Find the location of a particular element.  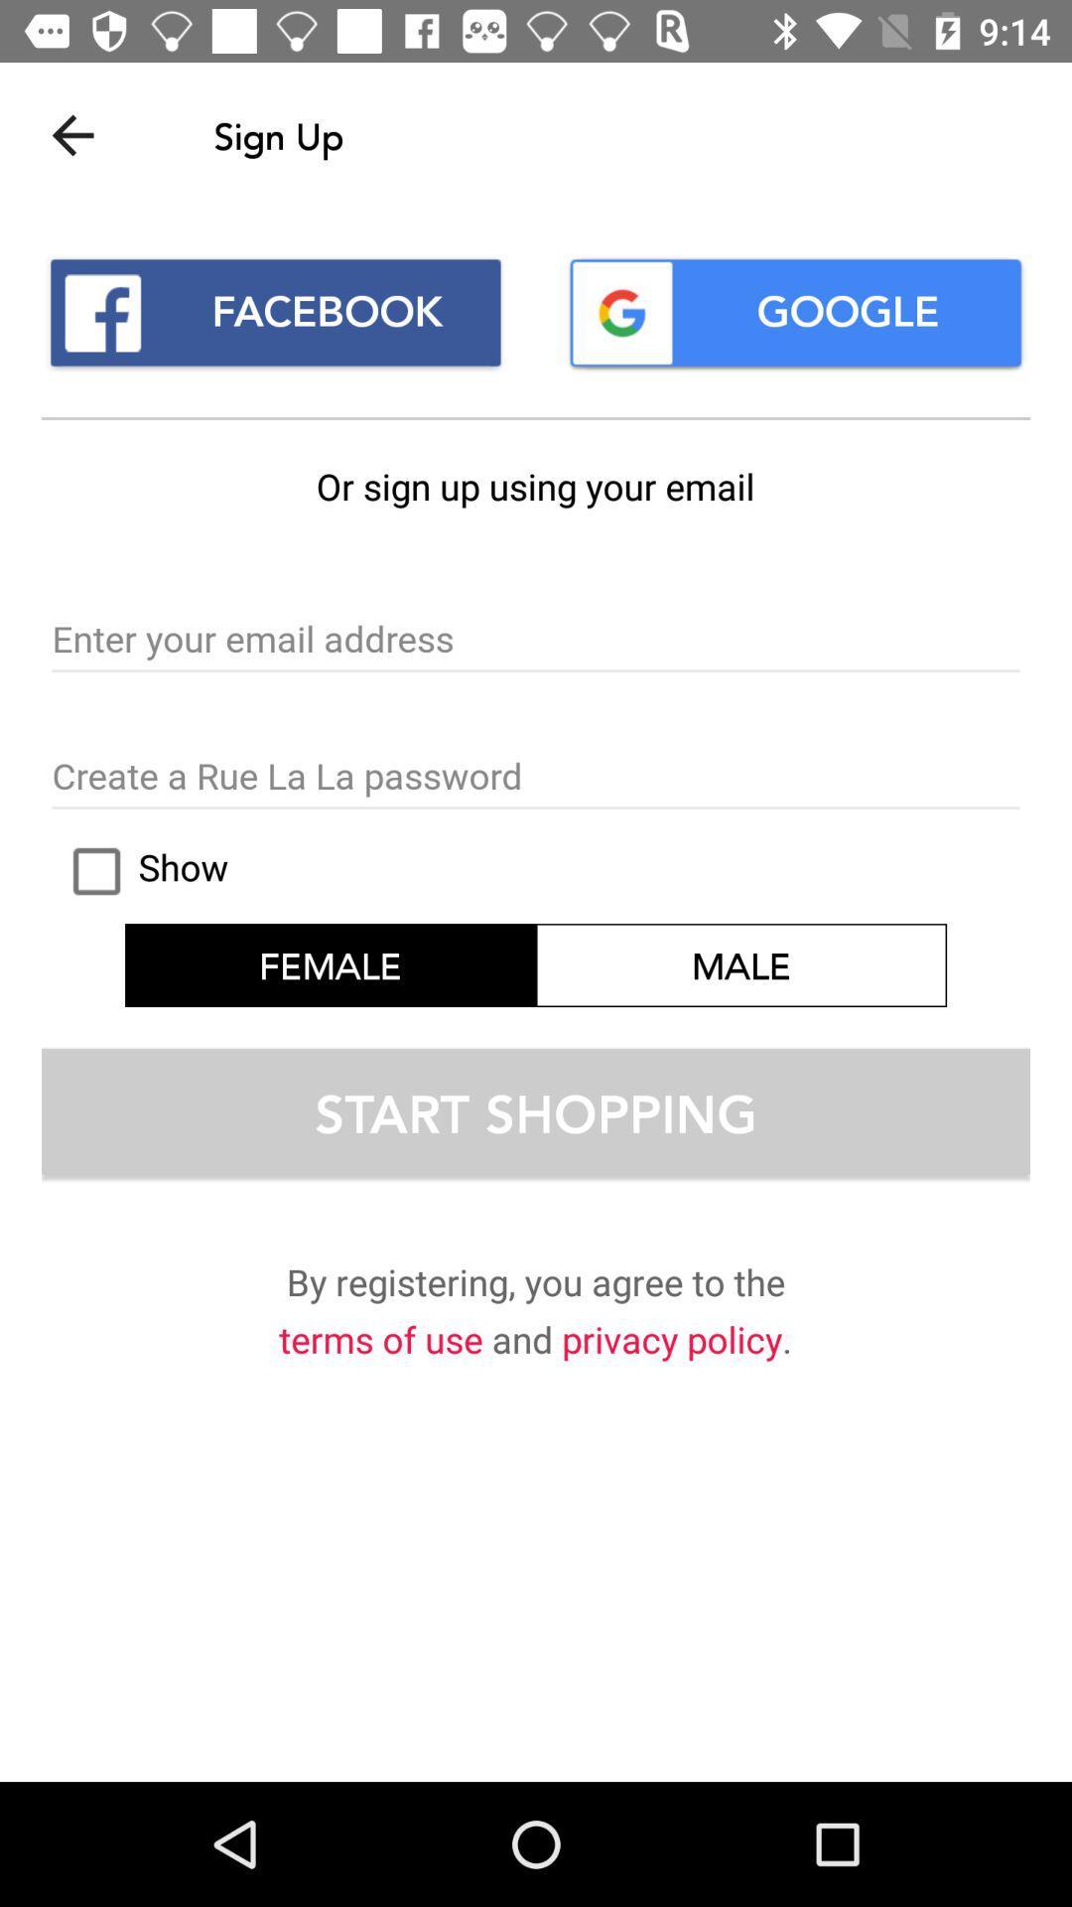

your password is located at coordinates (536, 777).